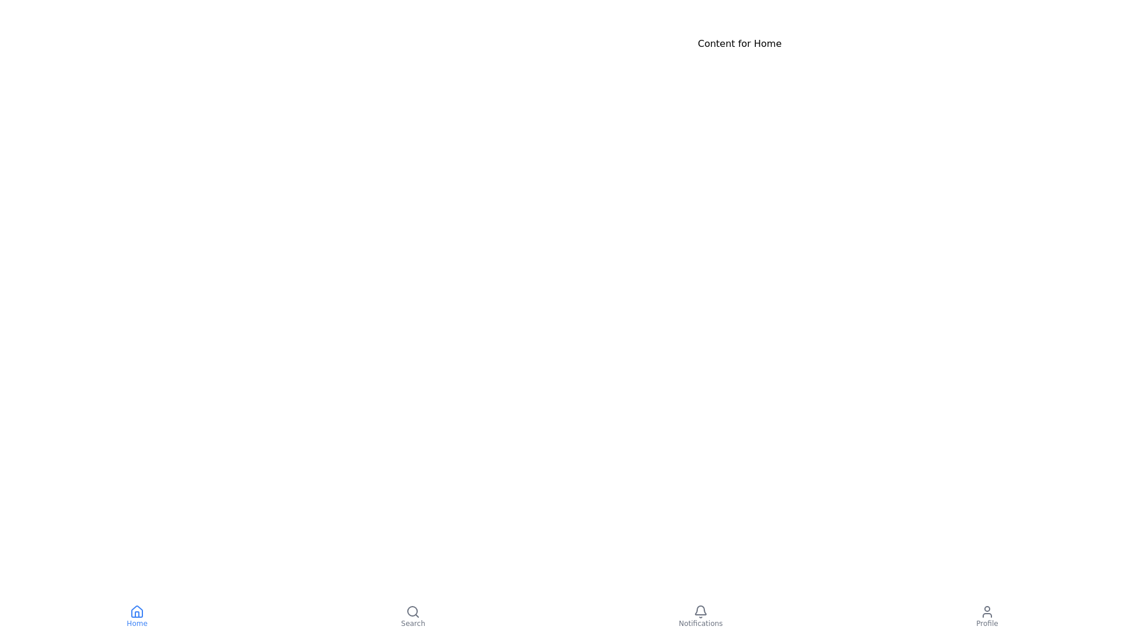  I want to click on the 'Home' text label in the bottom navigation bar, which is positioned directly underneath the house icon, so click(137, 623).